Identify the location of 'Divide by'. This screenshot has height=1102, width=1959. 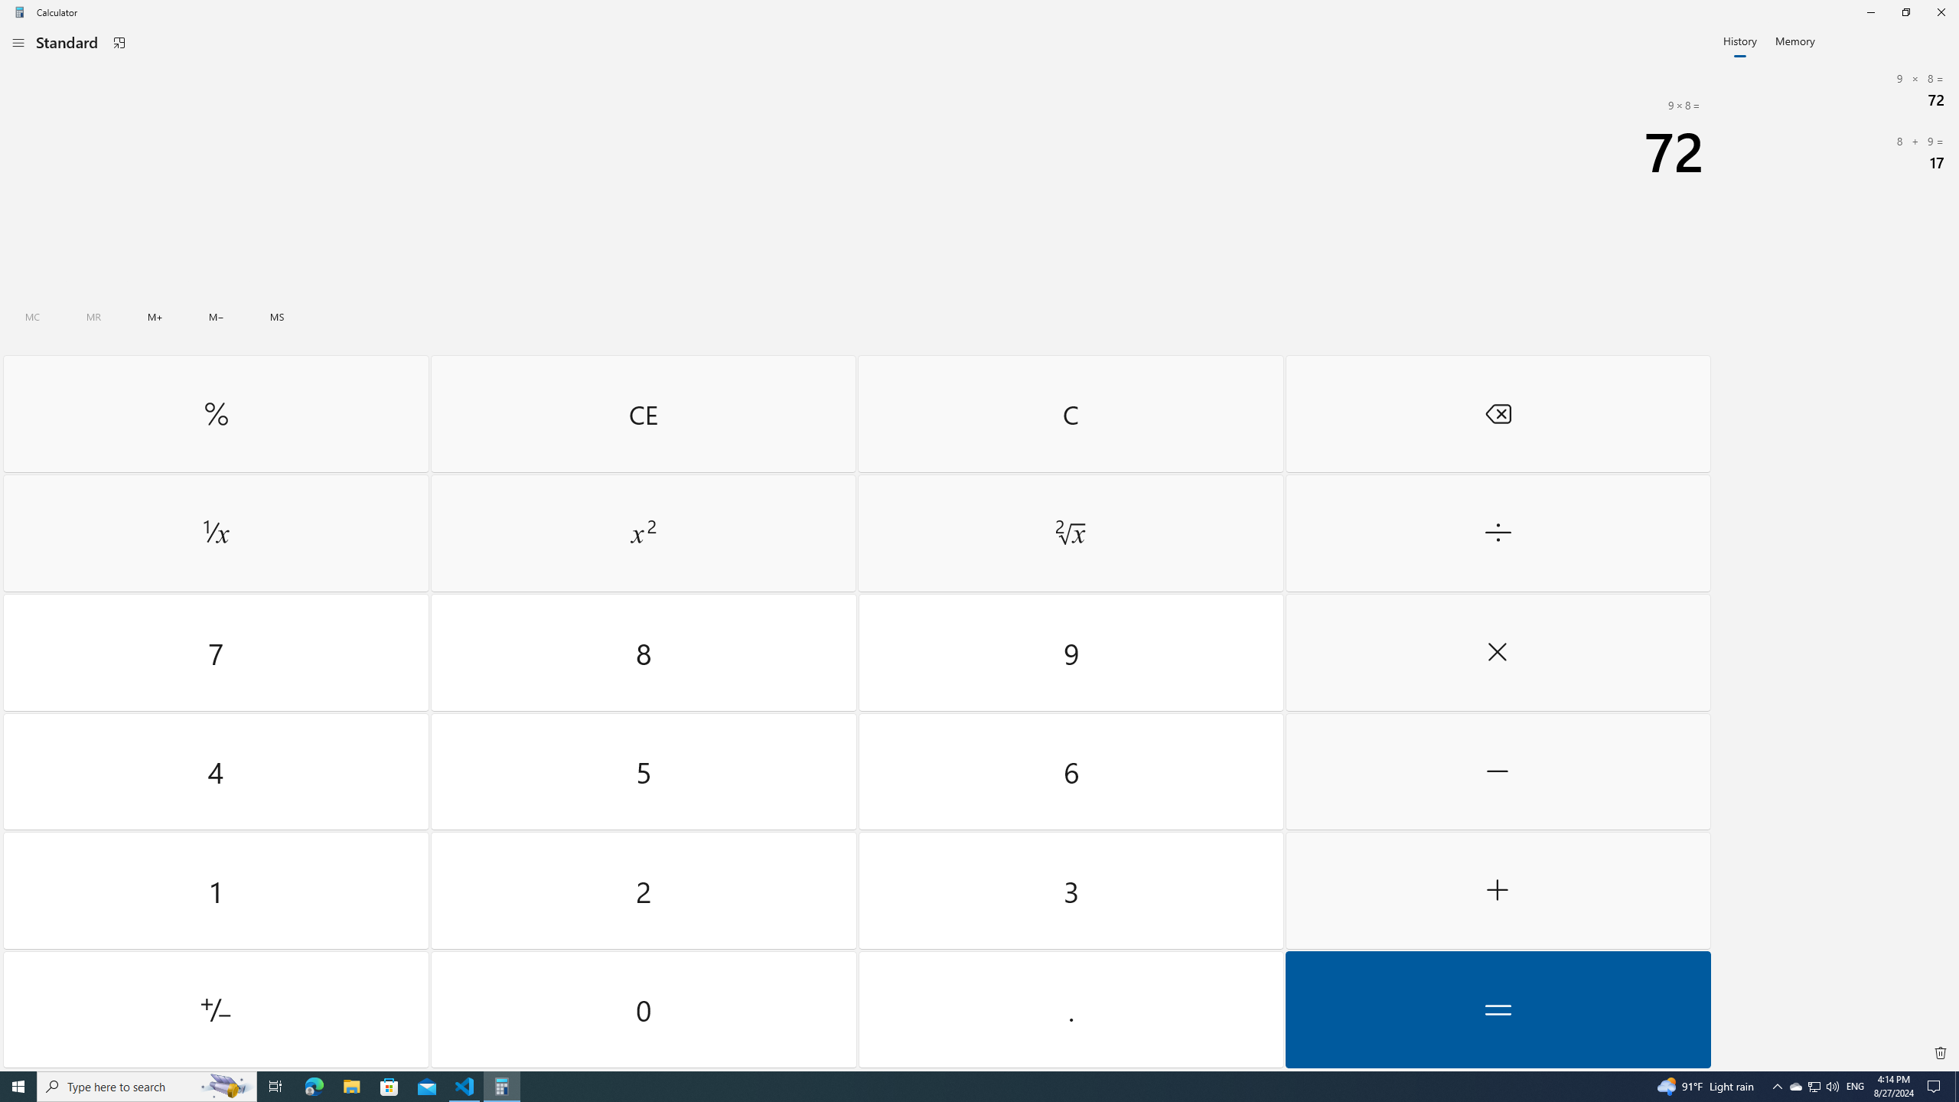
(1497, 533).